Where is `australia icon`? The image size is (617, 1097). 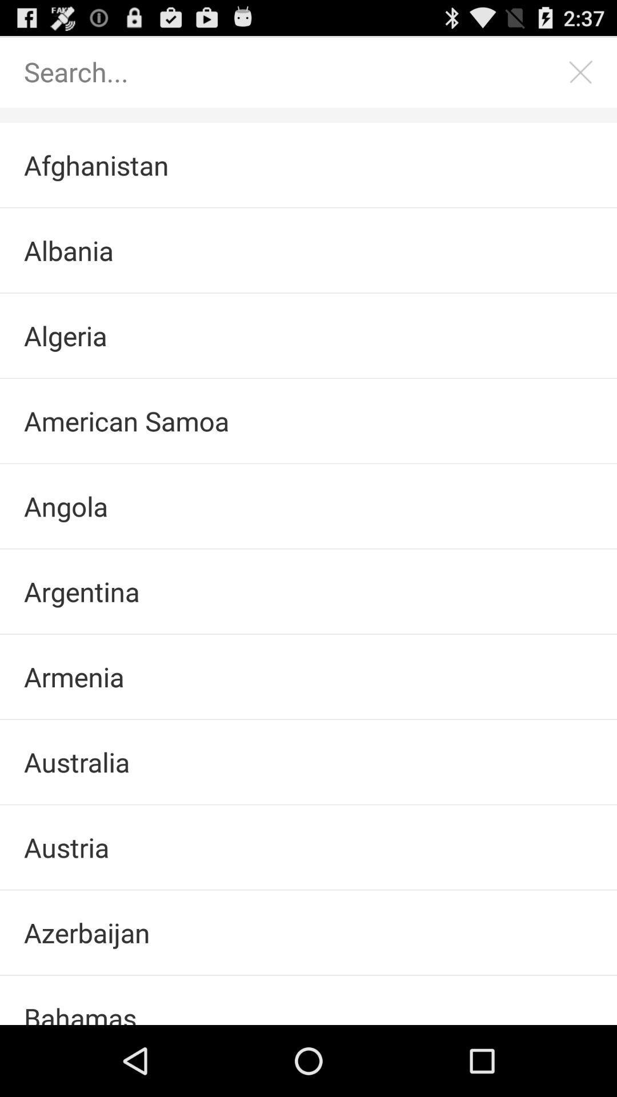 australia icon is located at coordinates (308, 762).